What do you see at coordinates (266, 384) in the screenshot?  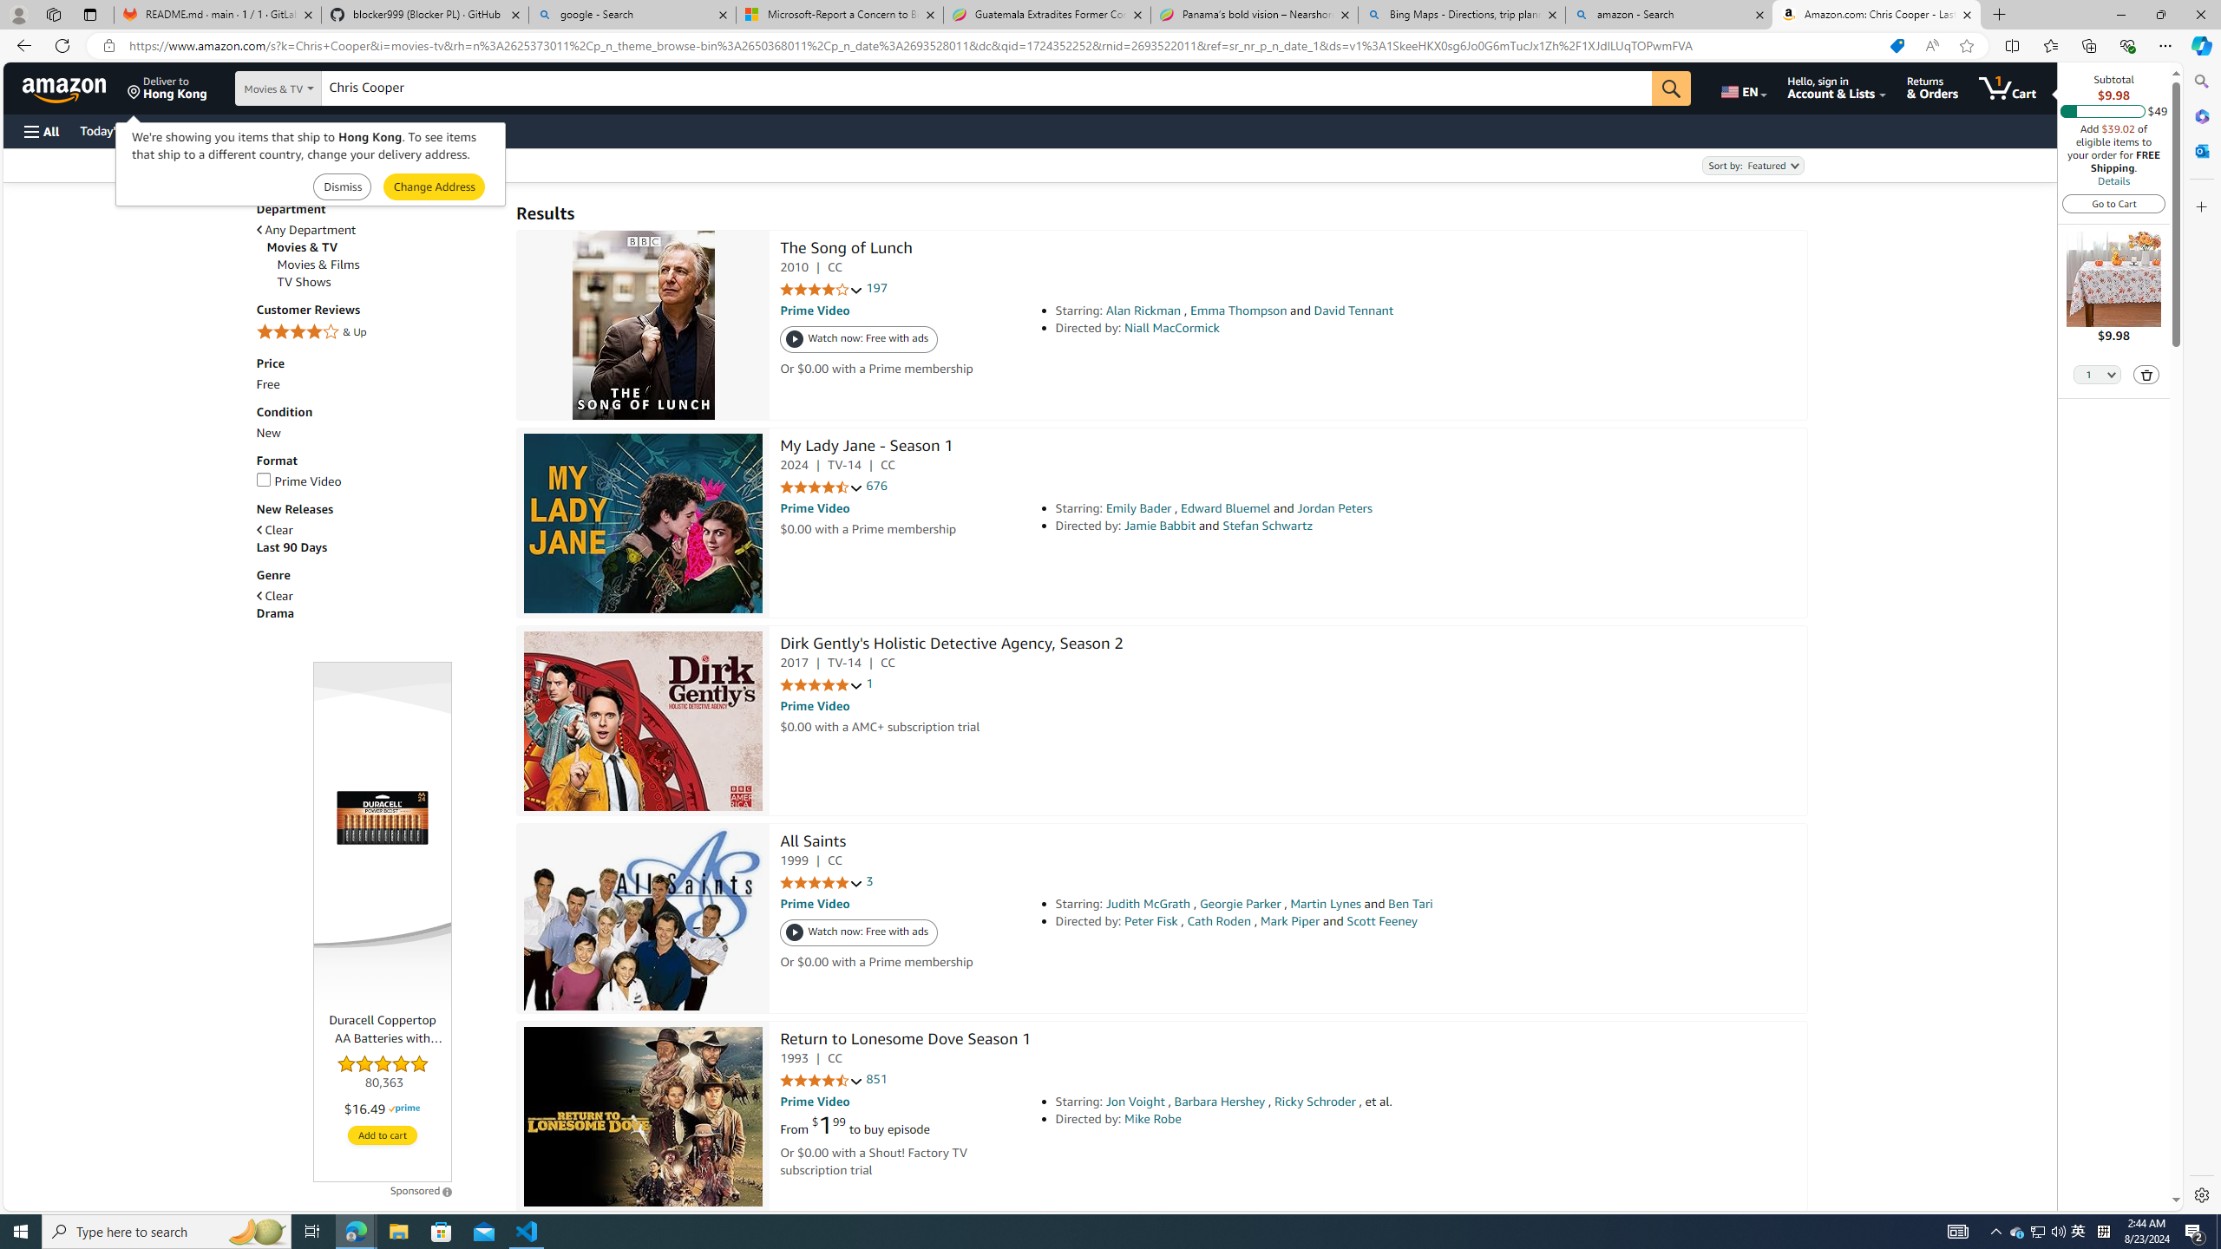 I see `'Free'` at bounding box center [266, 384].